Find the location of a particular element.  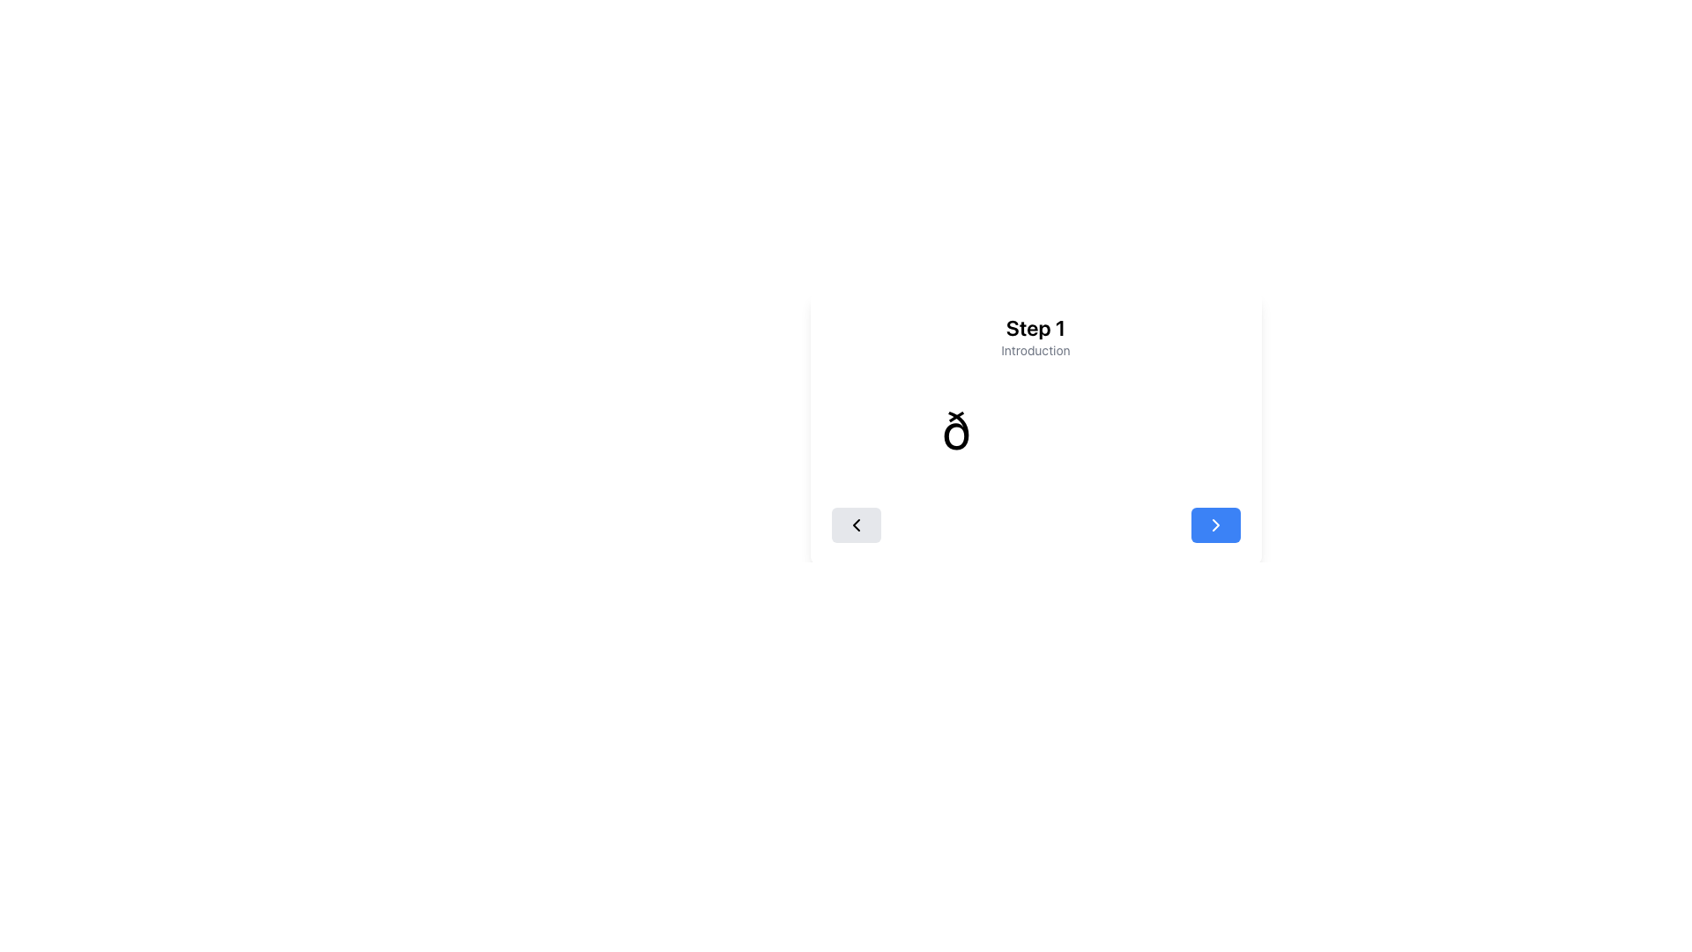

the right-pointing chevron icon located in the blue button at the bottom-right corner of the interface is located at coordinates (1214, 524).